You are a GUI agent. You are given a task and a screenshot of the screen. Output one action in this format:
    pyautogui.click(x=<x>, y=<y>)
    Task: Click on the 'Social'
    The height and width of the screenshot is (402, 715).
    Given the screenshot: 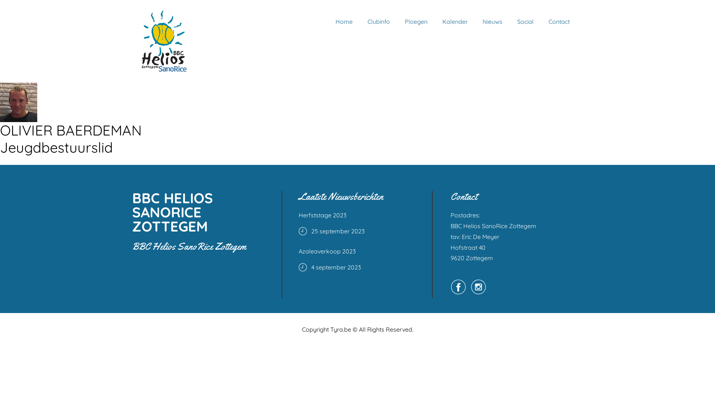 What is the action you would take?
    pyautogui.click(x=525, y=21)
    